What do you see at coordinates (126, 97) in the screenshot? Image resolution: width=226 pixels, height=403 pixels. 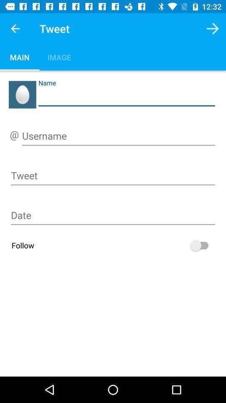 I see `allow to enter name` at bounding box center [126, 97].